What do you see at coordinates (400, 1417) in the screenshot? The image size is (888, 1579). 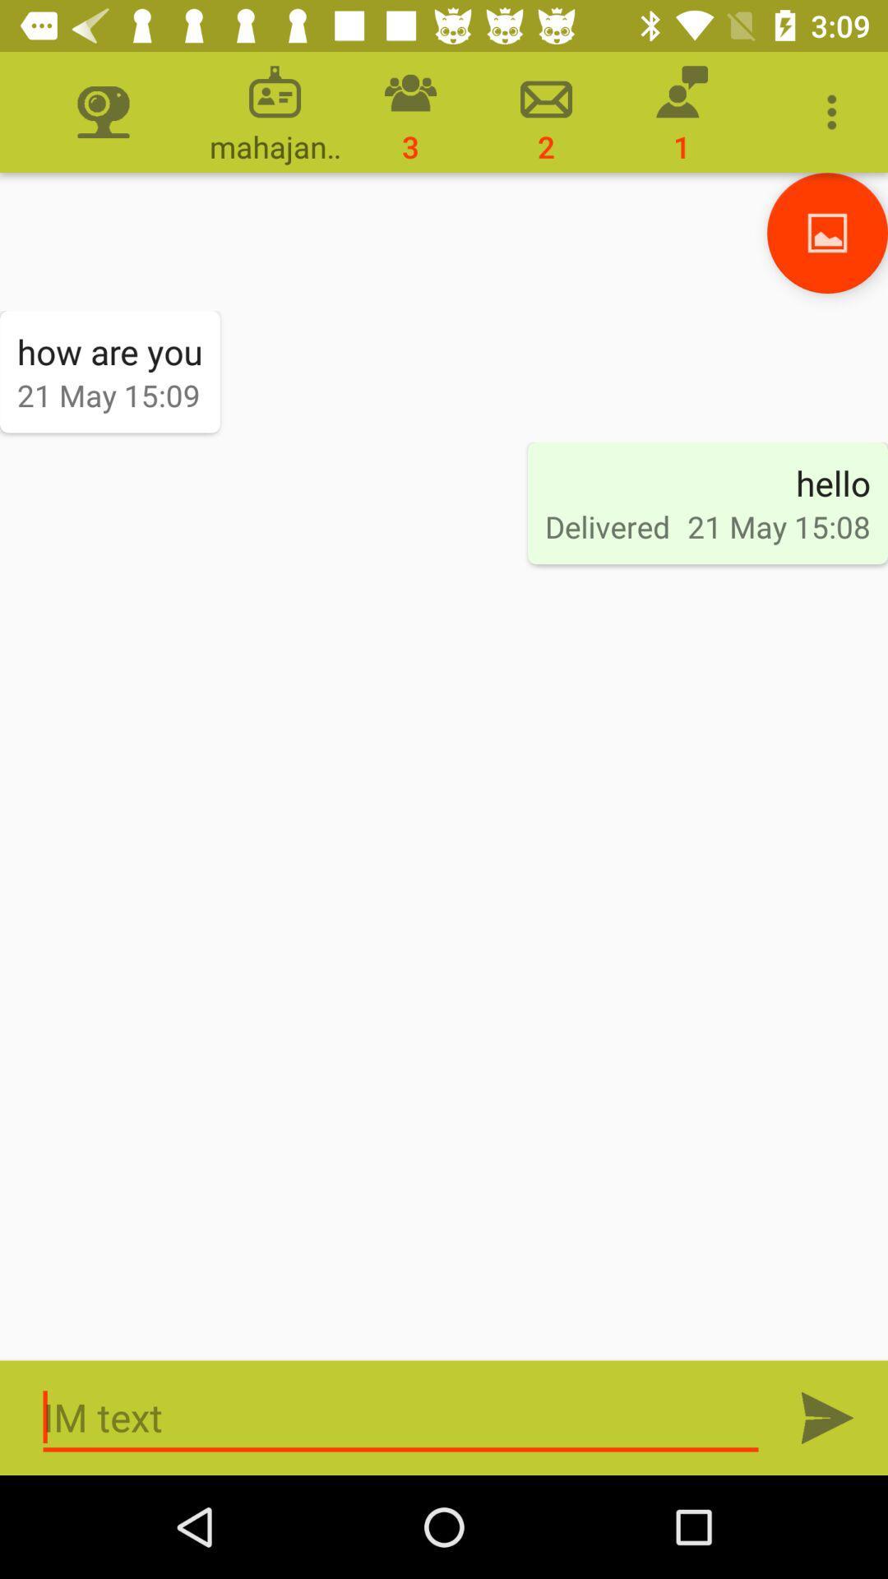 I see `text boxes` at bounding box center [400, 1417].